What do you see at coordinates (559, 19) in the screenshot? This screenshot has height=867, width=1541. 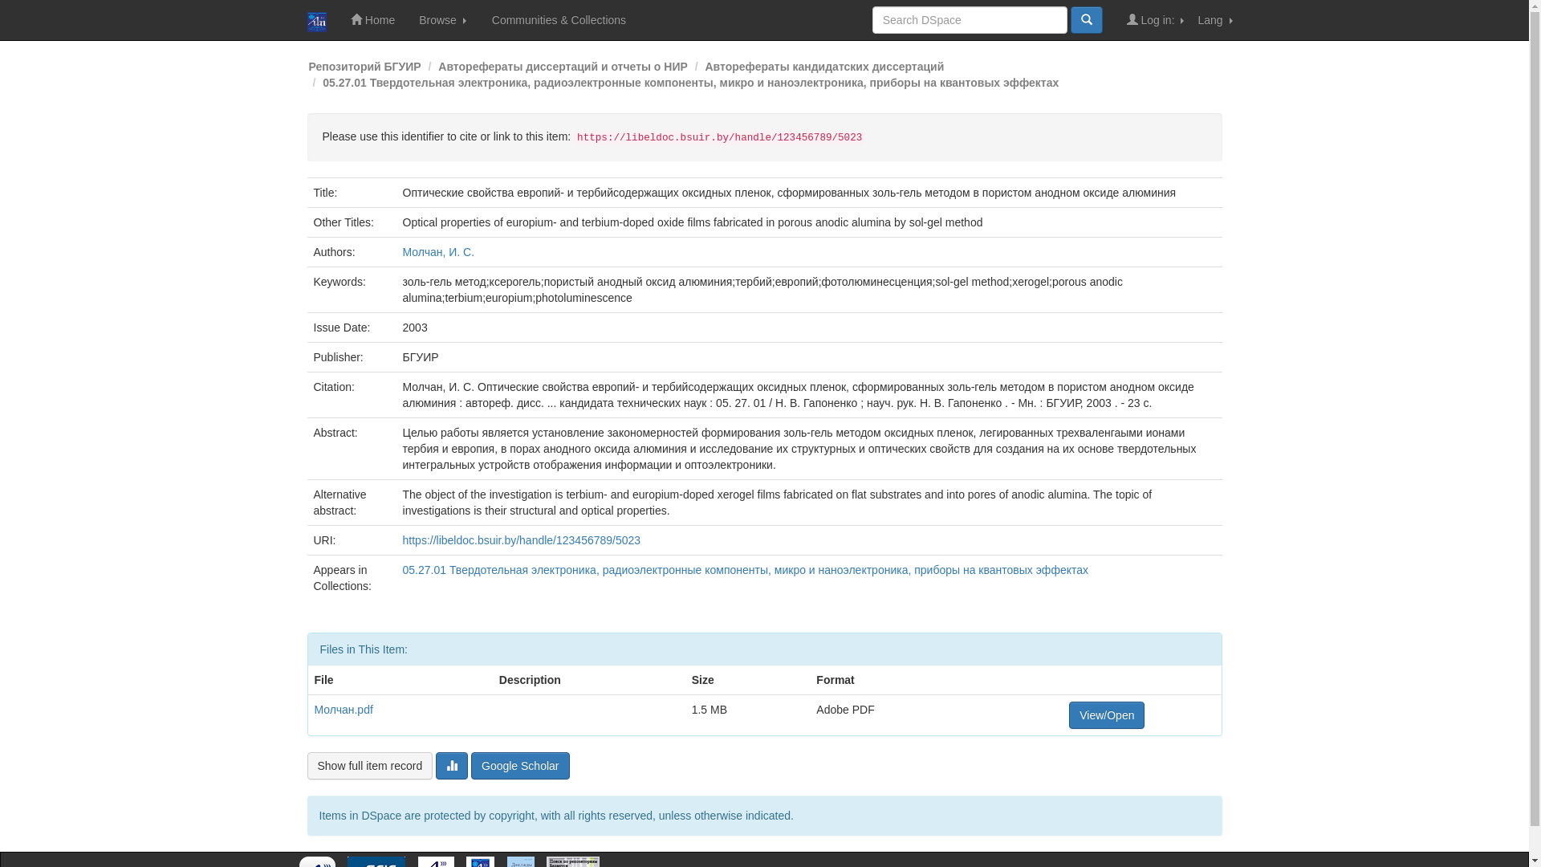 I see `'Communities & Collections'` at bounding box center [559, 19].